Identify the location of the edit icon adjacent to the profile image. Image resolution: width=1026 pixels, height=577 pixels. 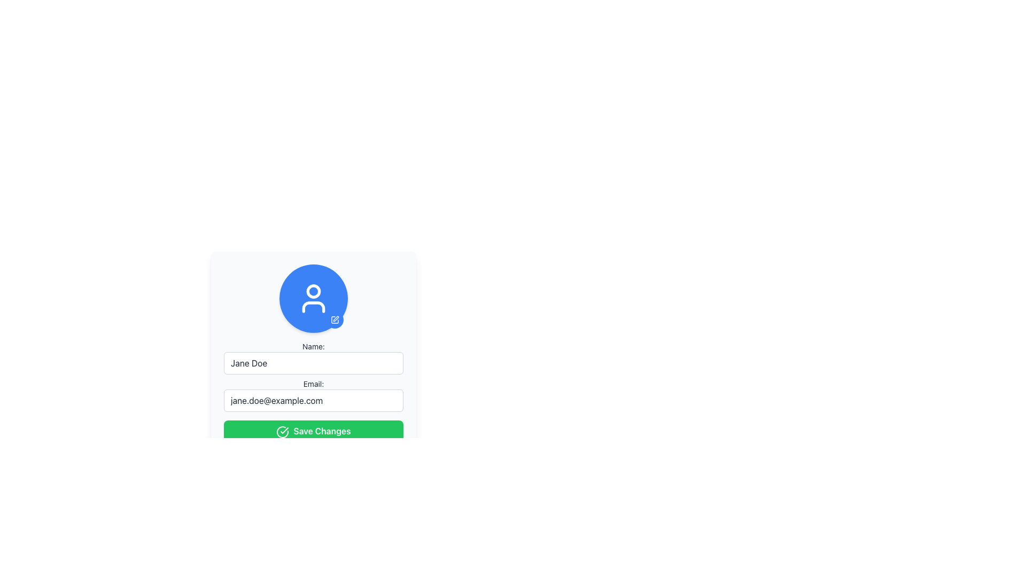
(335, 318).